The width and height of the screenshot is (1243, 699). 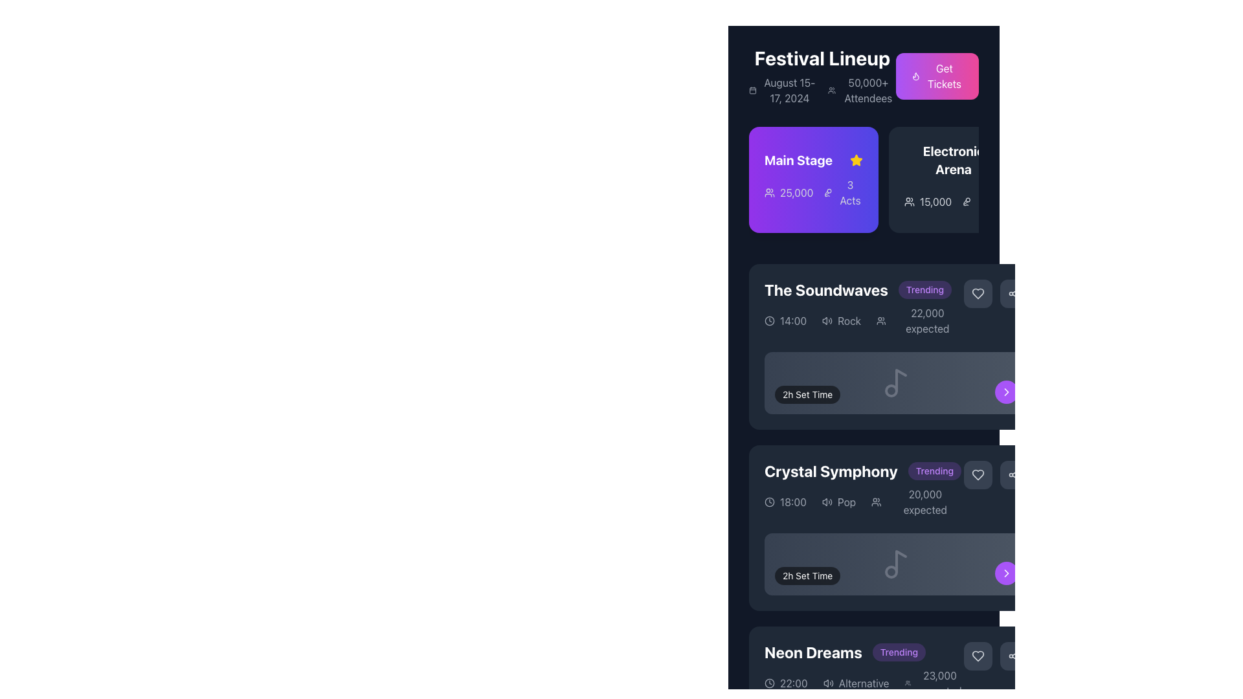 What do you see at coordinates (770, 320) in the screenshot?
I see `the clock icon with a circular border and modern thin-line design, located to the left of the label displaying '14:00' in the 'The Soundwaves' section of the dark-themed interface` at bounding box center [770, 320].